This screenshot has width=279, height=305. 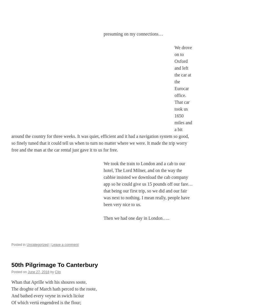 I want to click on 'The droghte of March hath perced to the roote,', so click(x=54, y=289).